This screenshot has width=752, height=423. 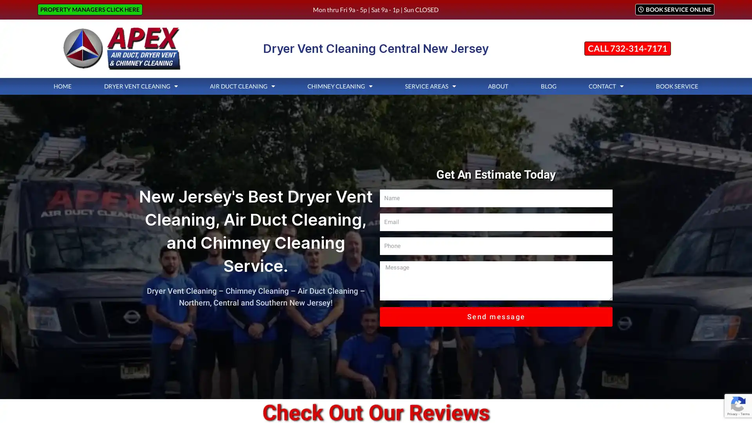 What do you see at coordinates (496, 316) in the screenshot?
I see `Send message` at bounding box center [496, 316].